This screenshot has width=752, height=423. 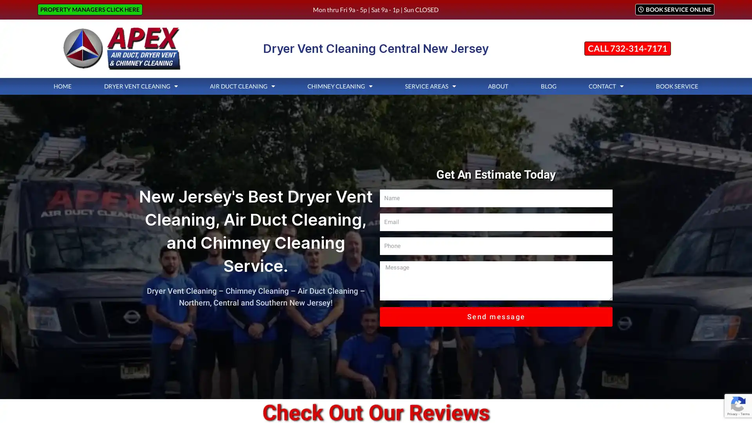 What do you see at coordinates (496, 316) in the screenshot?
I see `Send message` at bounding box center [496, 316].